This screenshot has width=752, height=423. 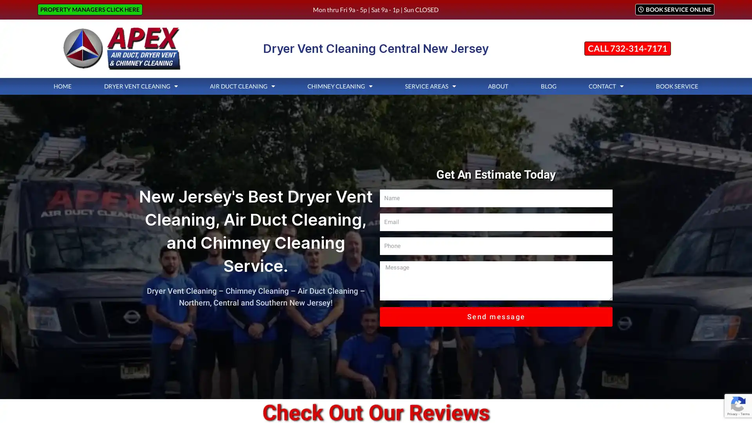 What do you see at coordinates (496, 316) in the screenshot?
I see `Send message` at bounding box center [496, 316].